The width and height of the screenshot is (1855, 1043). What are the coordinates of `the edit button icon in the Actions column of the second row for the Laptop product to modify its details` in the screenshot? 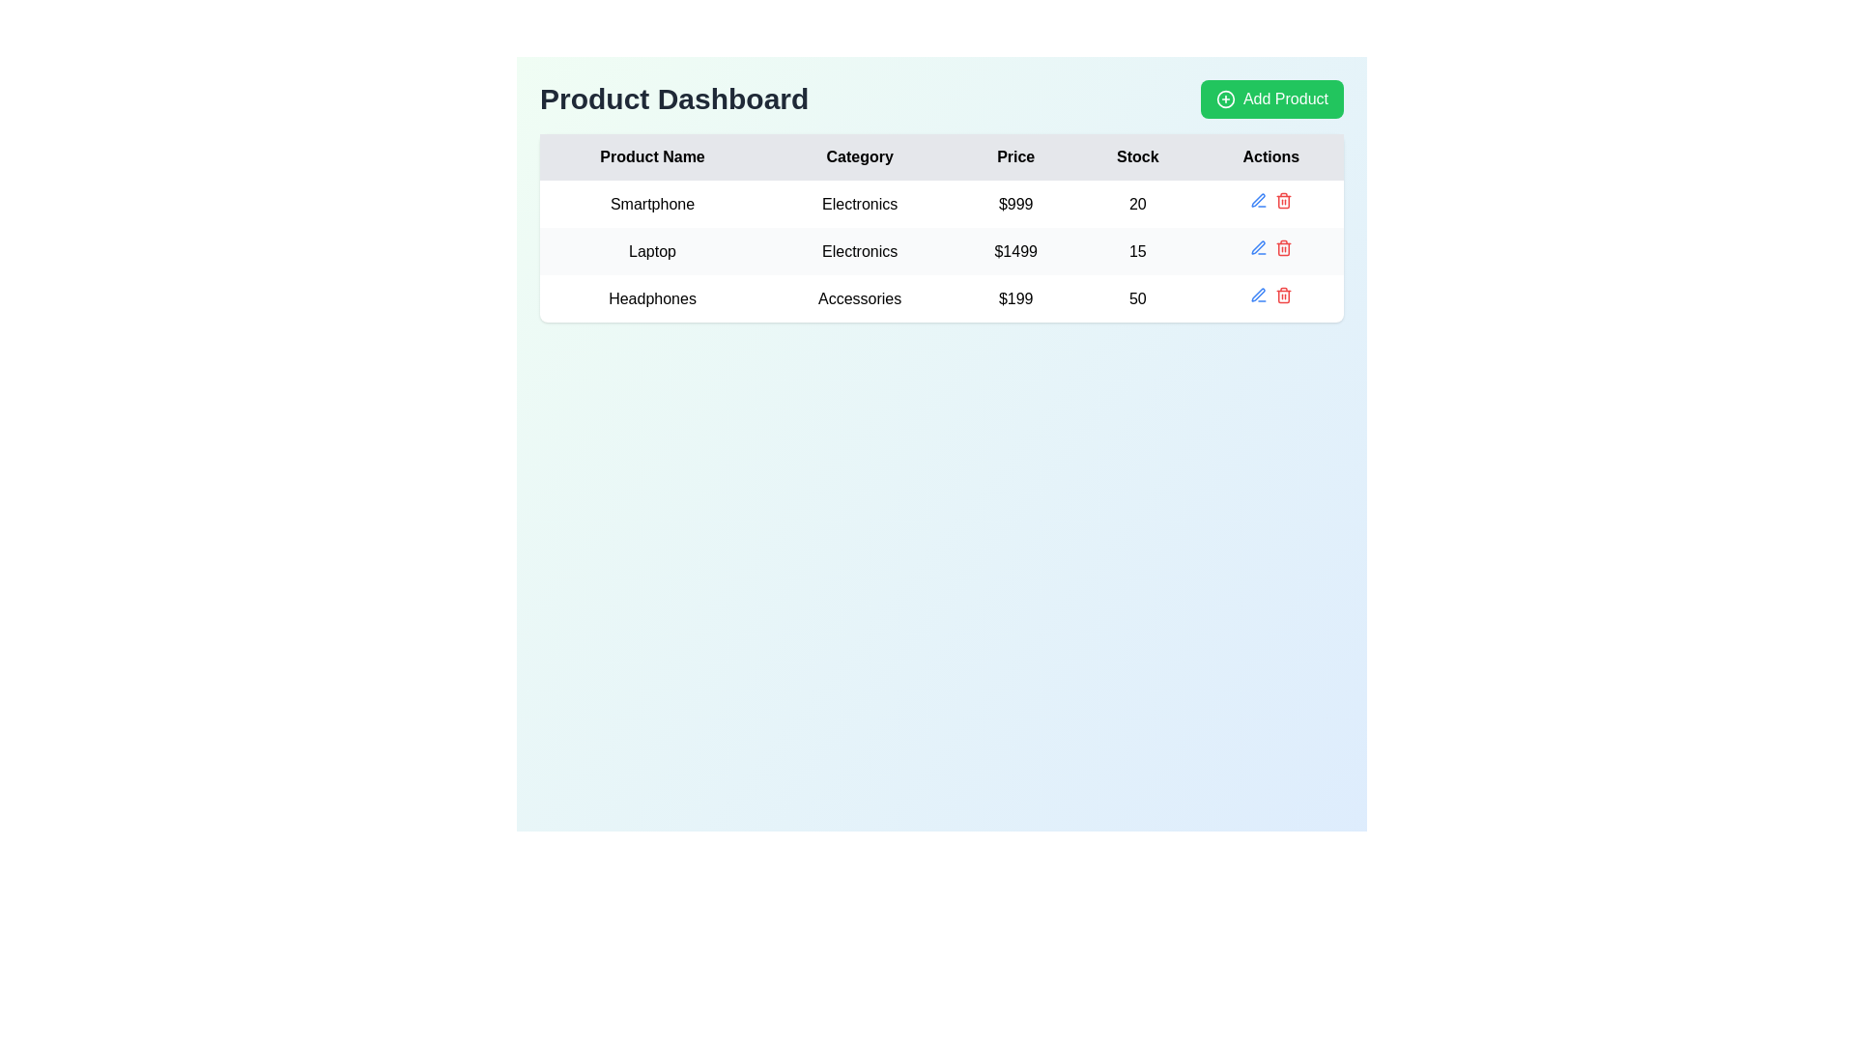 It's located at (1257, 245).